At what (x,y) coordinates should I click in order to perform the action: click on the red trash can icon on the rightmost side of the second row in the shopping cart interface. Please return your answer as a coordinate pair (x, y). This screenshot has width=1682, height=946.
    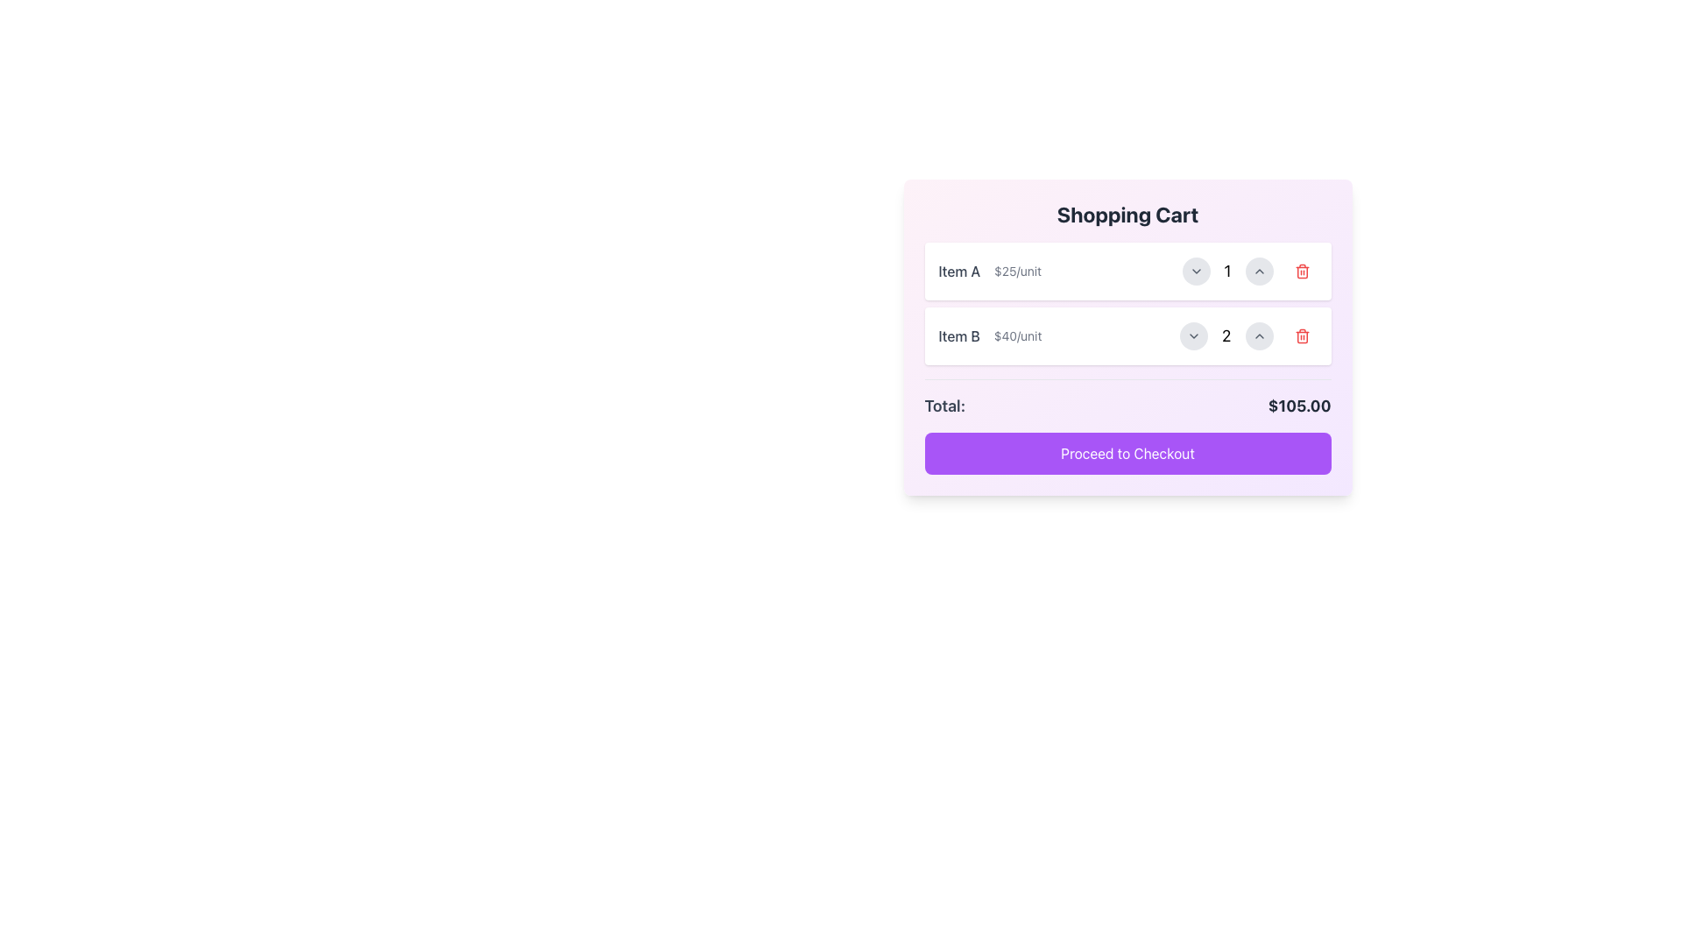
    Looking at the image, I should click on (1302, 336).